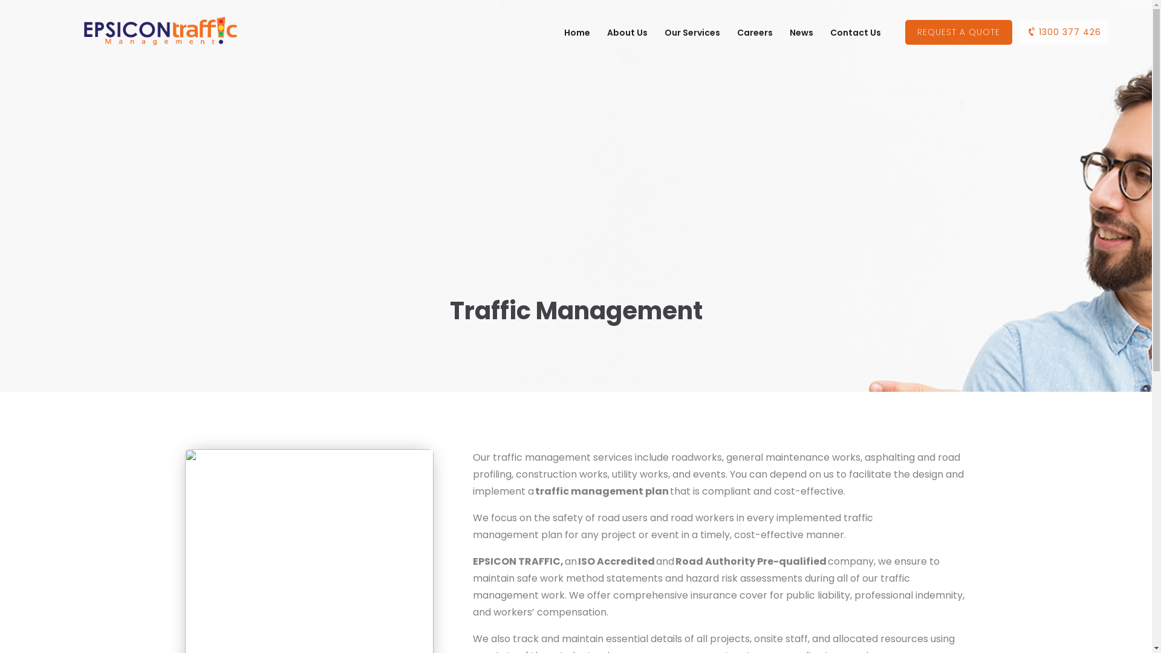 The image size is (1161, 653). I want to click on 'News', so click(784, 32).